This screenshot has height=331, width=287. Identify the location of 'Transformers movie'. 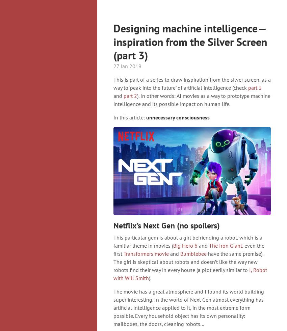
(146, 254).